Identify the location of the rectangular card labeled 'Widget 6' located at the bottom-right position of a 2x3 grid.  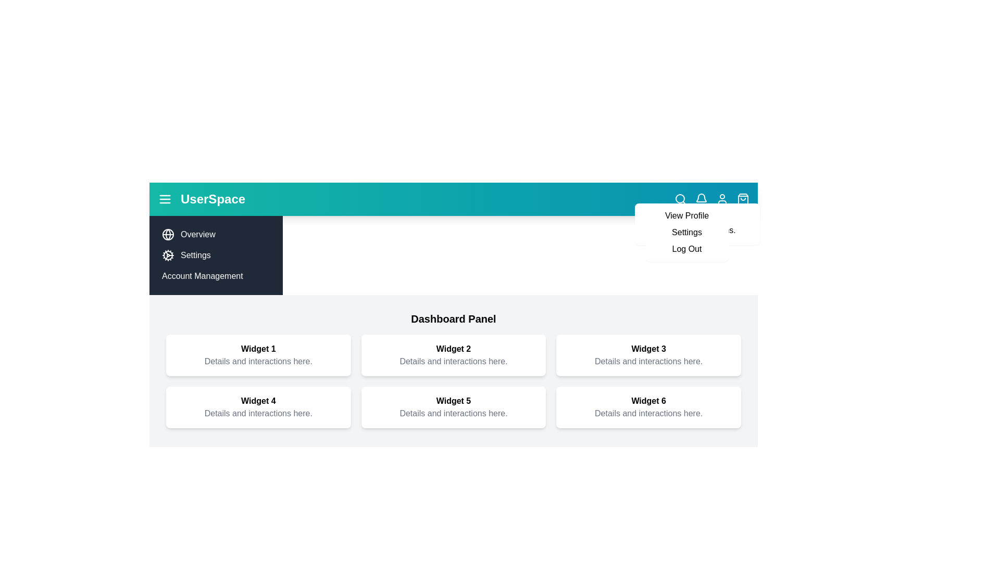
(648, 407).